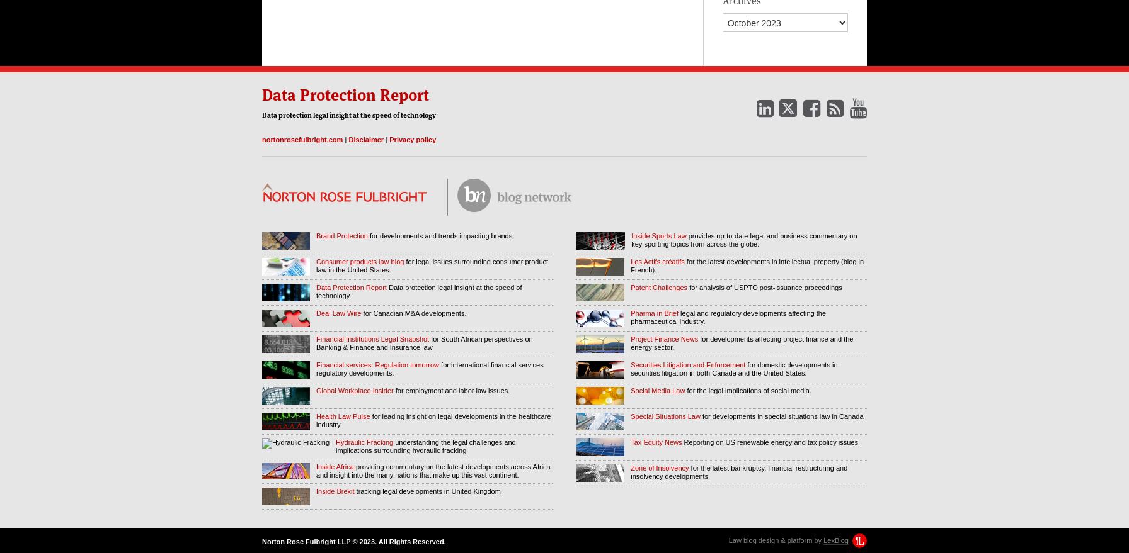  I want to click on 'tracking legal developments in United Kingdom', so click(427, 491).